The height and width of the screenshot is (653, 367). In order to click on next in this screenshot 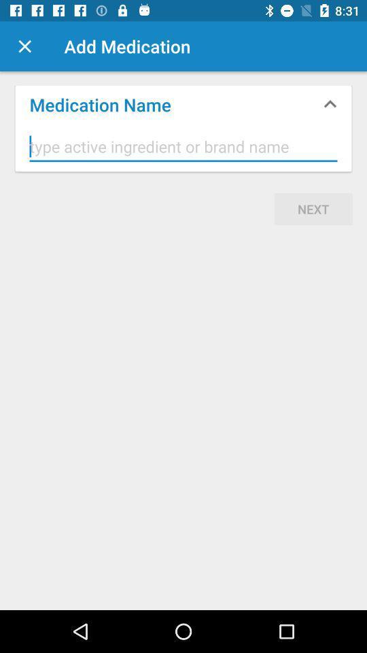, I will do `click(313, 209)`.